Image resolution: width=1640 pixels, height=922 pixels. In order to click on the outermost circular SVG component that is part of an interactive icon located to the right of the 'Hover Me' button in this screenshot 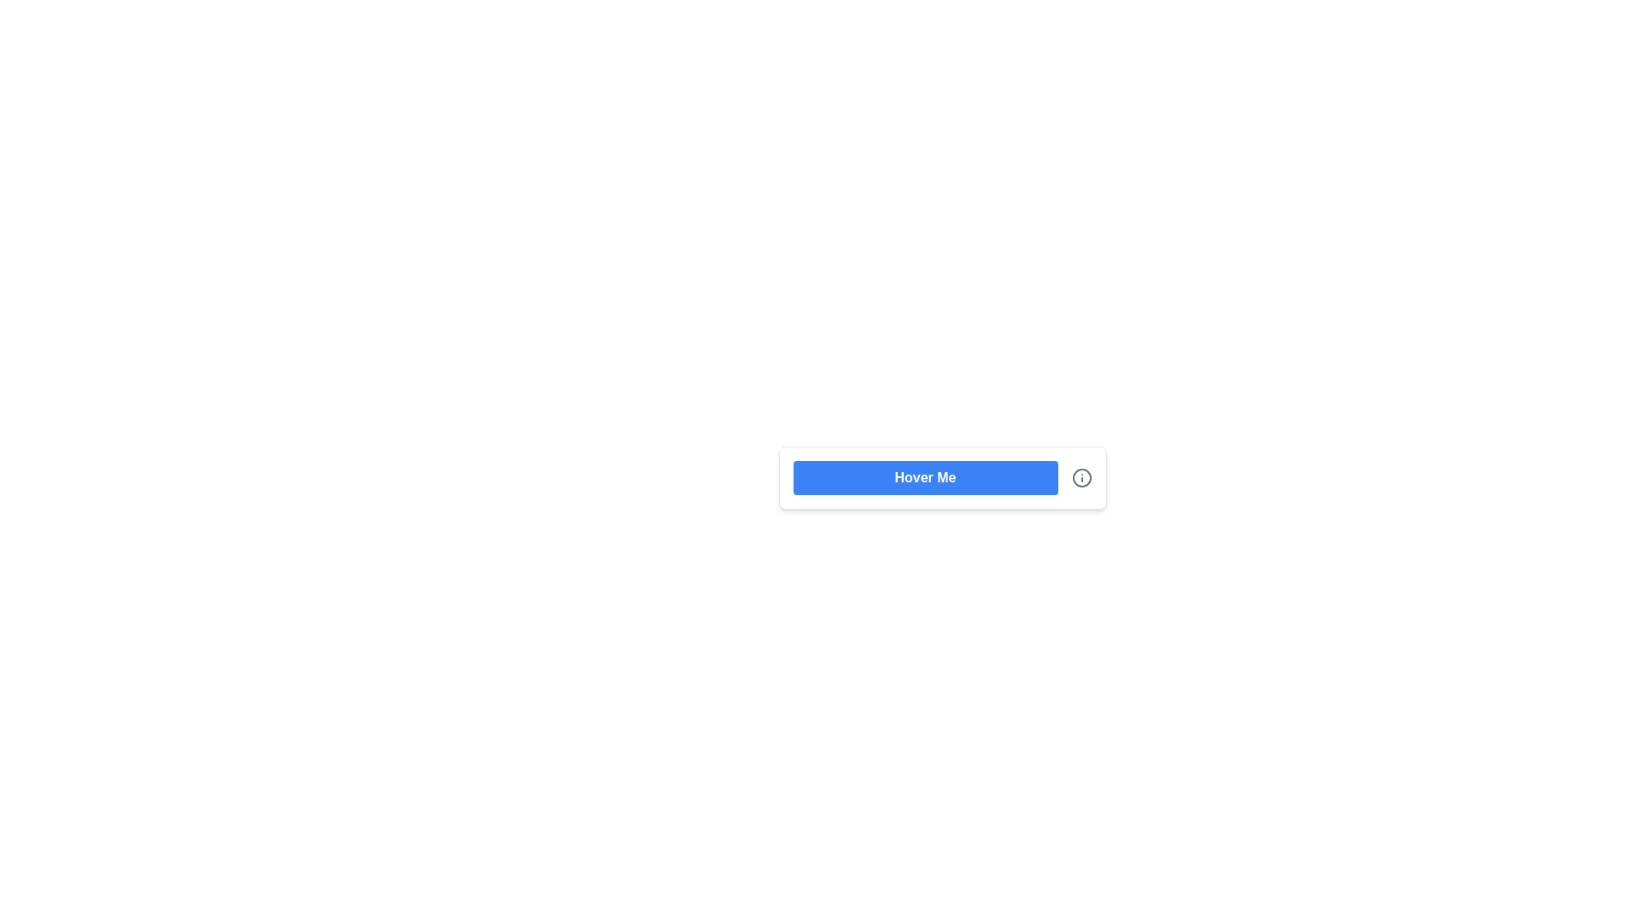, I will do `click(1081, 477)`.